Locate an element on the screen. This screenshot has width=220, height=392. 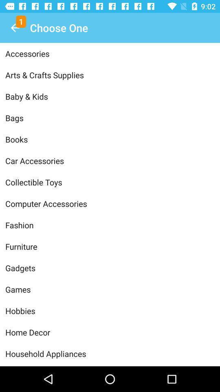
the item below games item is located at coordinates (110, 310).